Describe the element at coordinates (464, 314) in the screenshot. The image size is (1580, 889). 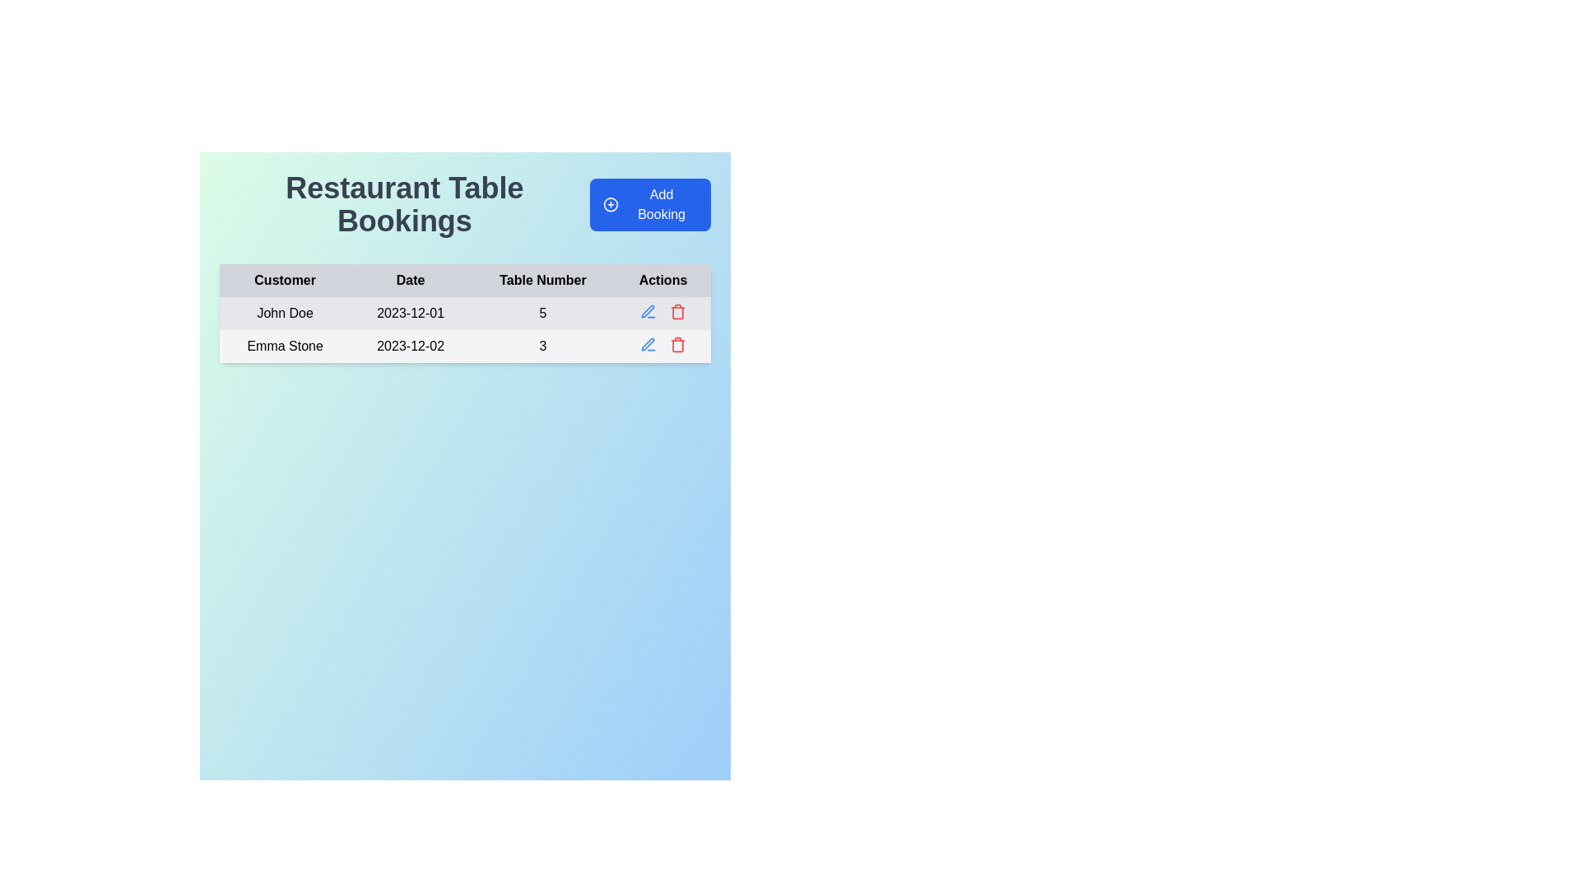
I see `the first row in the structured data table containing 'John Doe', '2023-12-01', and '5'` at that location.